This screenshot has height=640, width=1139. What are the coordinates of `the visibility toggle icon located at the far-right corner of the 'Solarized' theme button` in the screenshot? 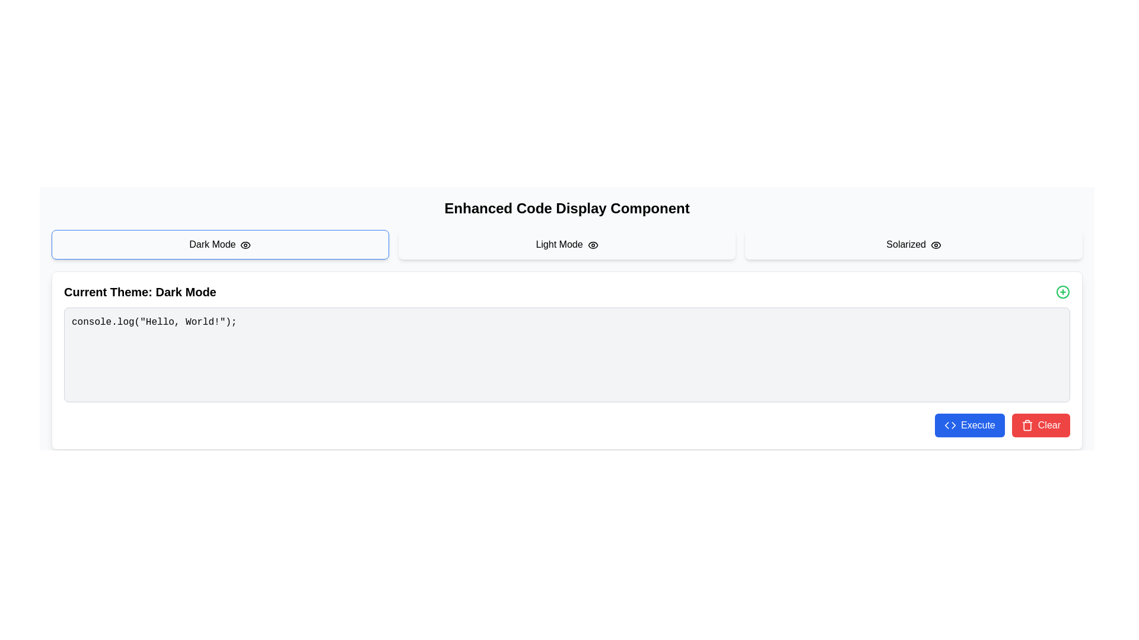 It's located at (936, 244).